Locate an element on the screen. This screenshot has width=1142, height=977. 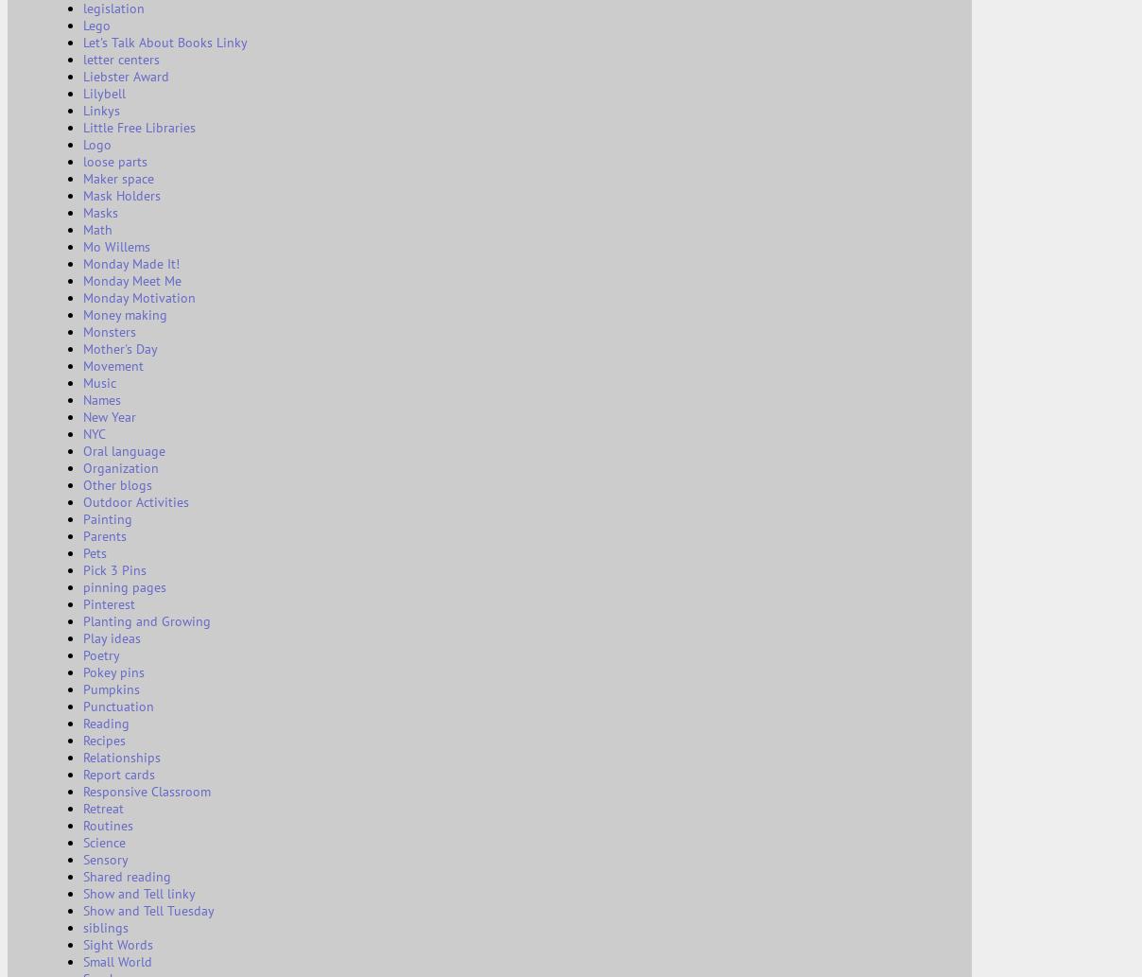
'Responsive Classroom' is located at coordinates (147, 792).